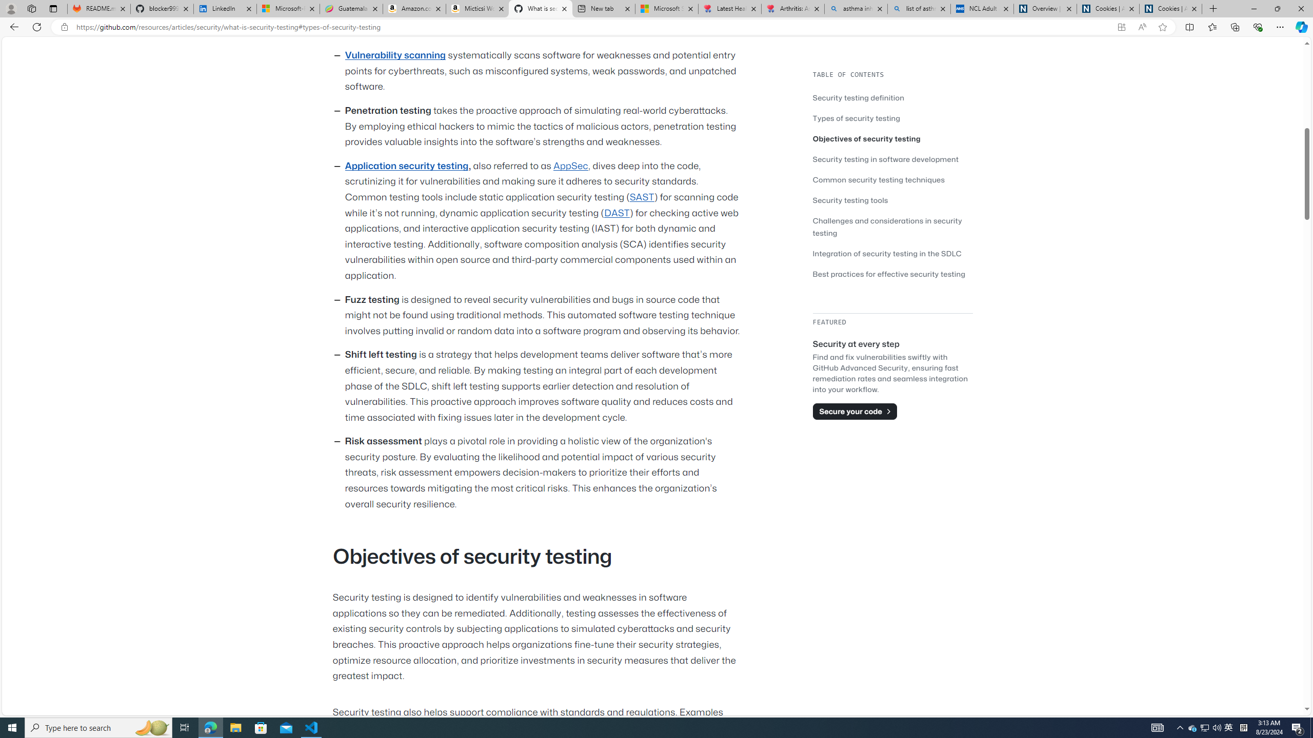 The height and width of the screenshot is (738, 1313). I want to click on 'LinkedIn', so click(225, 8).